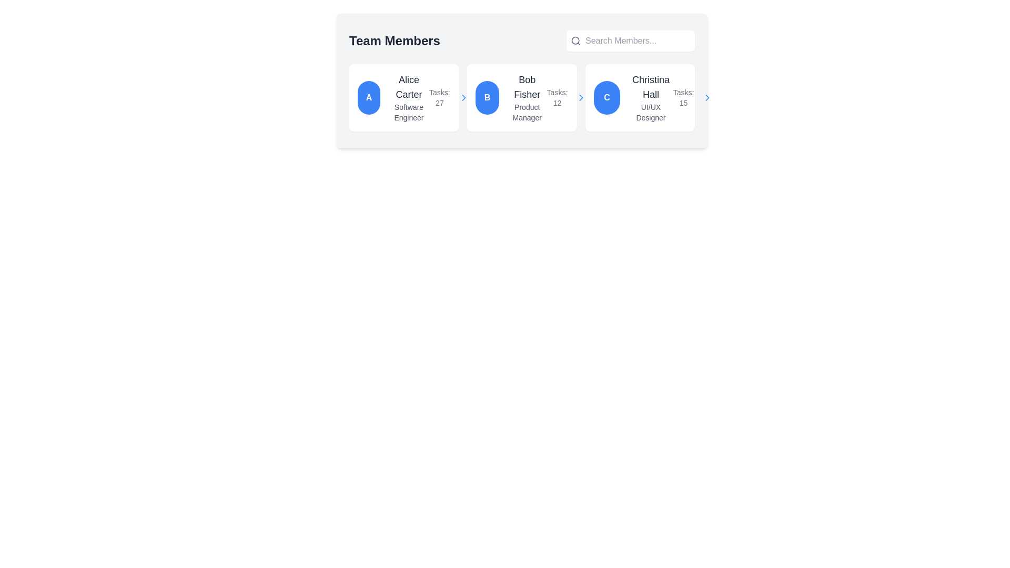 The height and width of the screenshot is (568, 1010). Describe the element at coordinates (708, 97) in the screenshot. I see `Icon (Chevron Right) which signifies navigation or forward progression, located on the far-right side of the panel adjacent to Christina Hall's information box` at that location.